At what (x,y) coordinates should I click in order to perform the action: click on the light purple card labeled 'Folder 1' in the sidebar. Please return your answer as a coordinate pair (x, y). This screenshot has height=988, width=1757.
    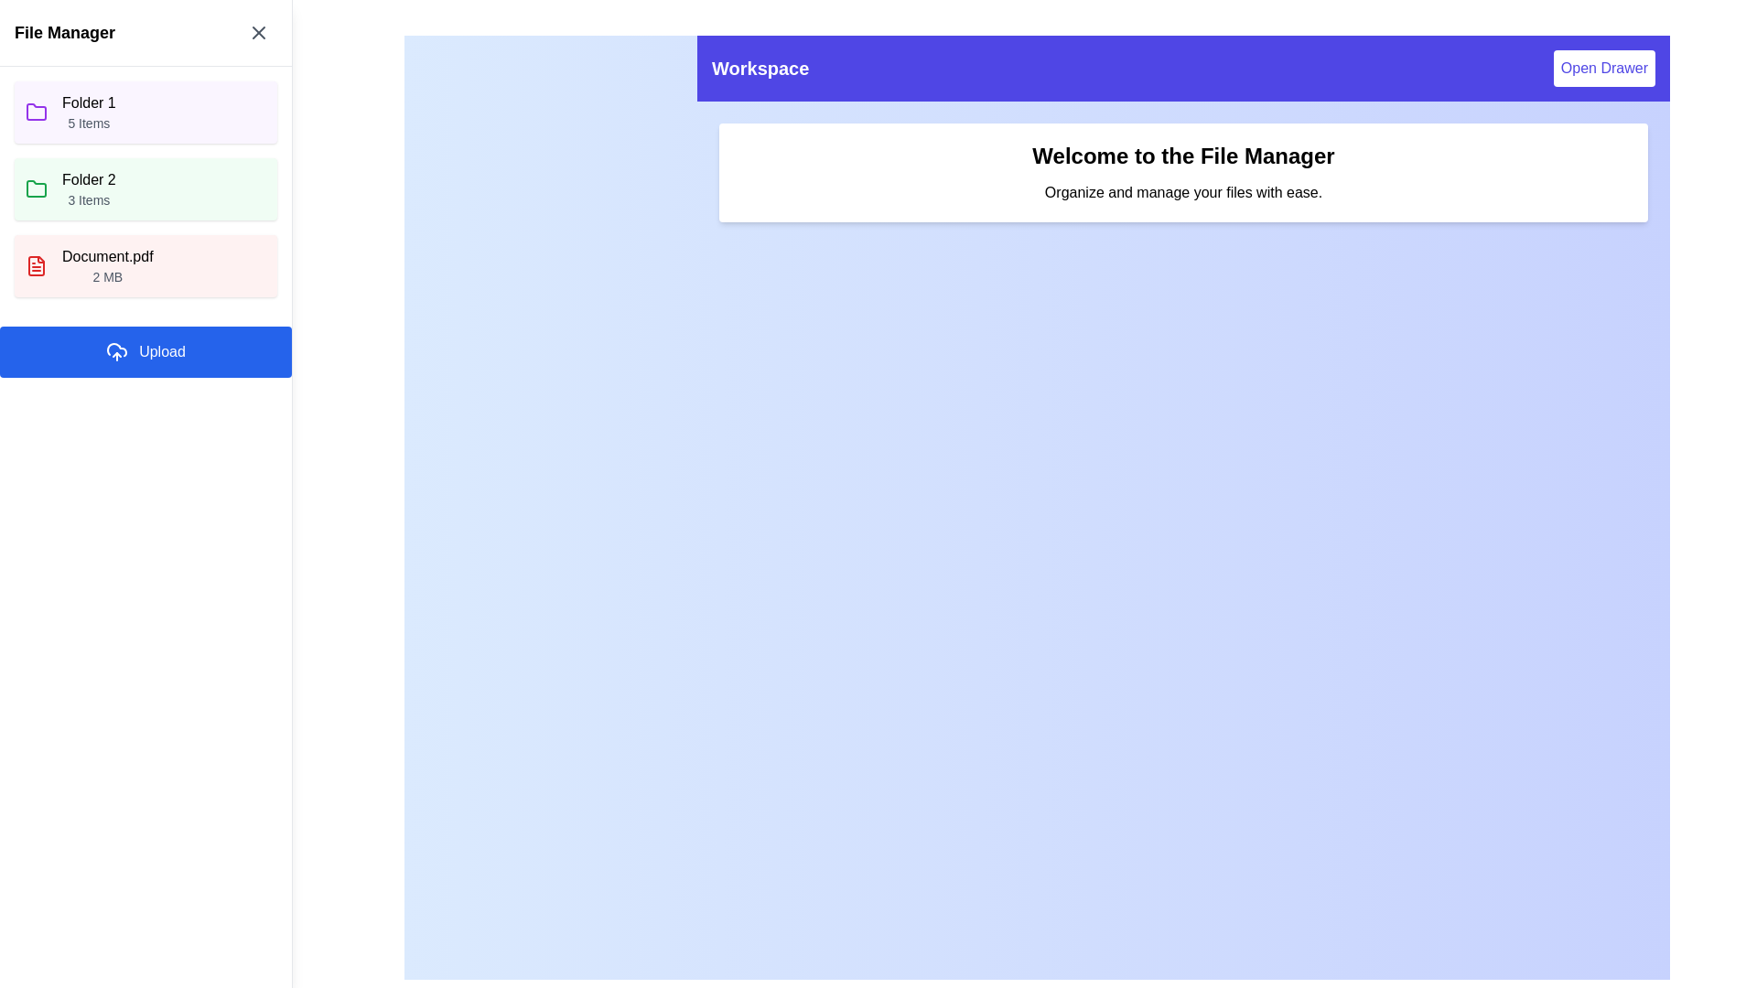
    Looking at the image, I should click on (145, 113).